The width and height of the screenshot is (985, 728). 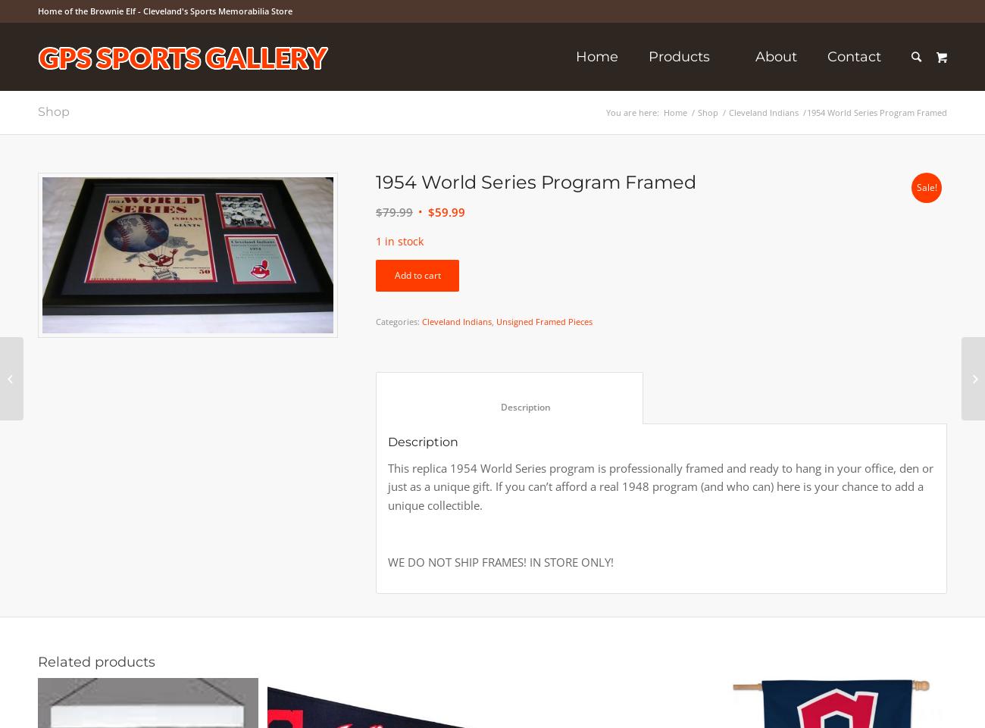 I want to click on 'Home of the Brownie Elf - Cleveland's Sports Memorabilia Store', so click(x=164, y=10).